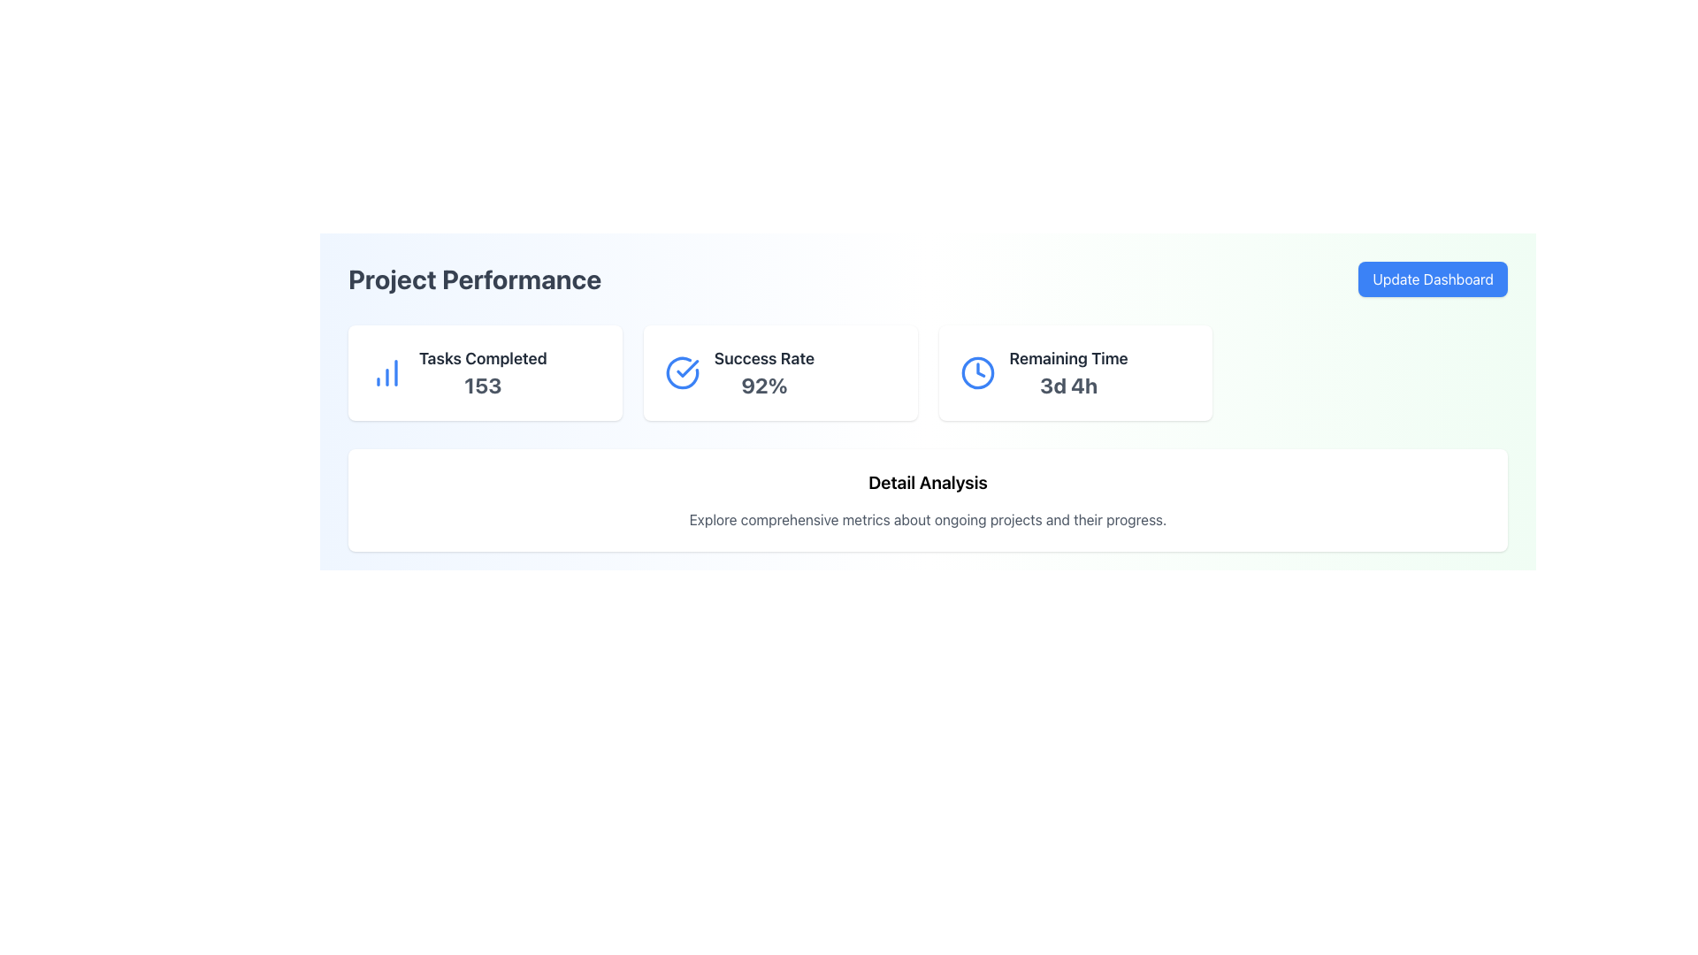  Describe the element at coordinates (976, 371) in the screenshot. I see `the decorative circle element within the SVG clock icon located in the 'Remaining Time' section of the interface` at that location.